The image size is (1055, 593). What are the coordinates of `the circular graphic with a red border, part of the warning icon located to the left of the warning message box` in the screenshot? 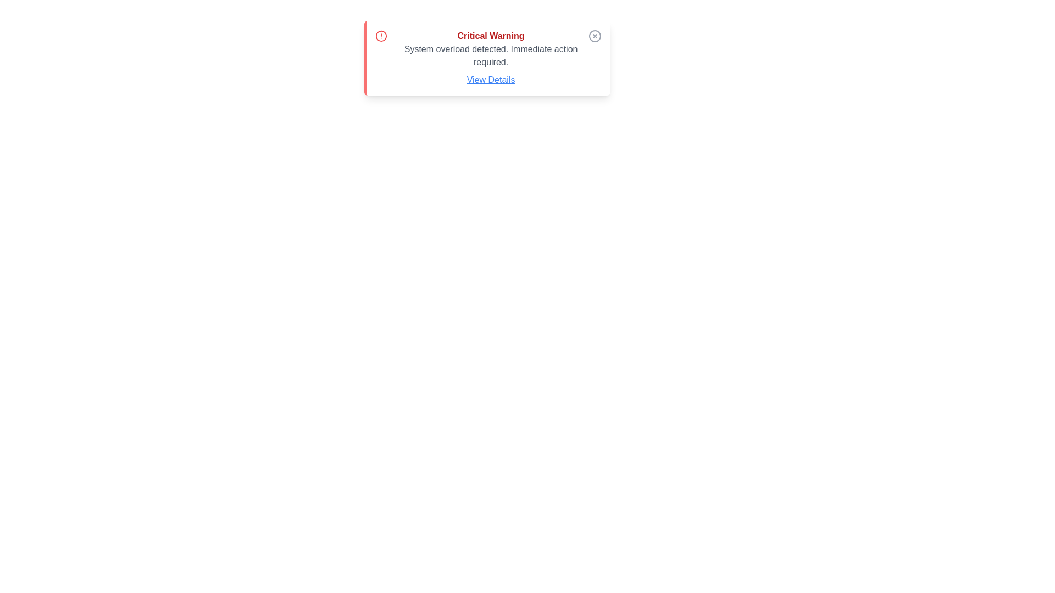 It's located at (381, 35).